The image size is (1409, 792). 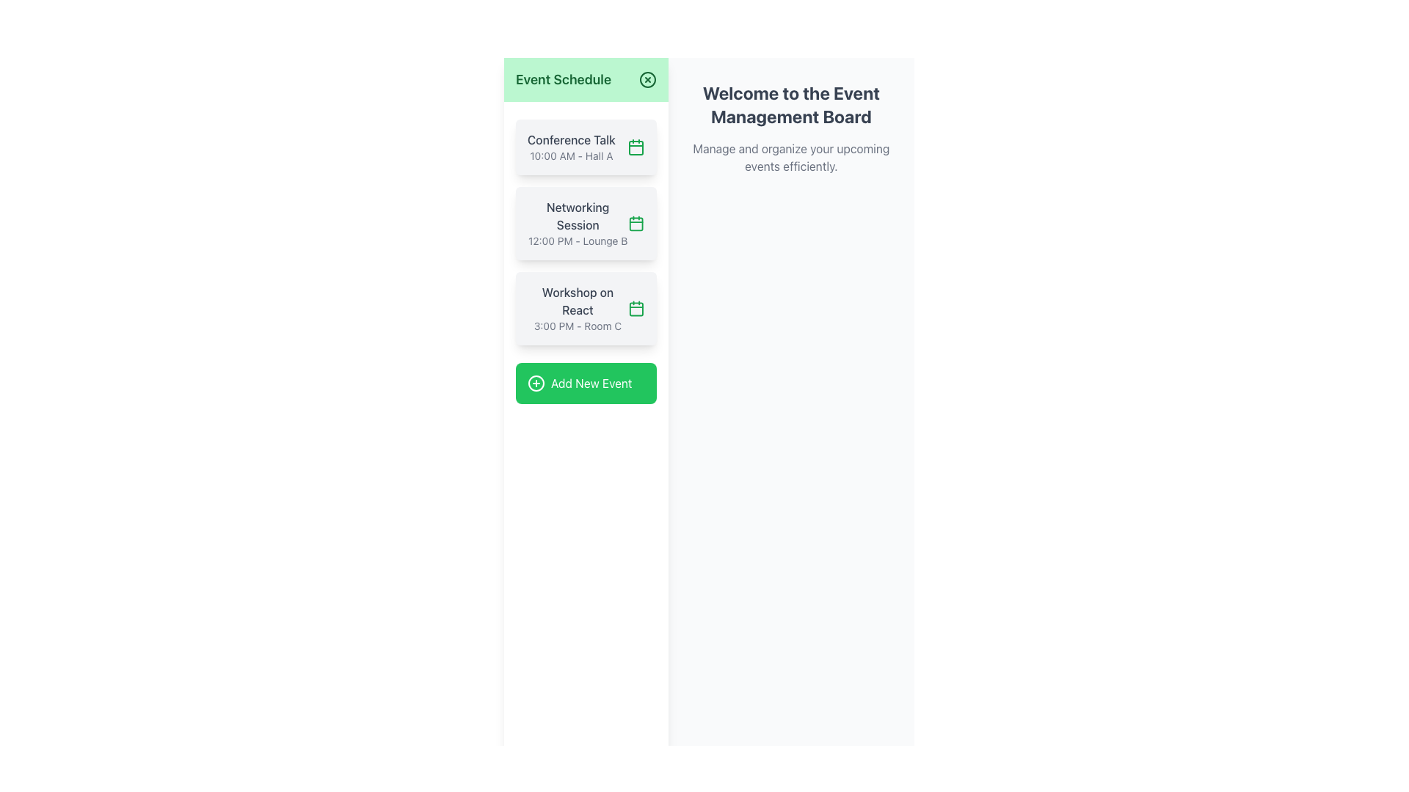 I want to click on the 'Add Event' button located beneath the 'Workshop on React' item in the left panel, so click(x=585, y=383).